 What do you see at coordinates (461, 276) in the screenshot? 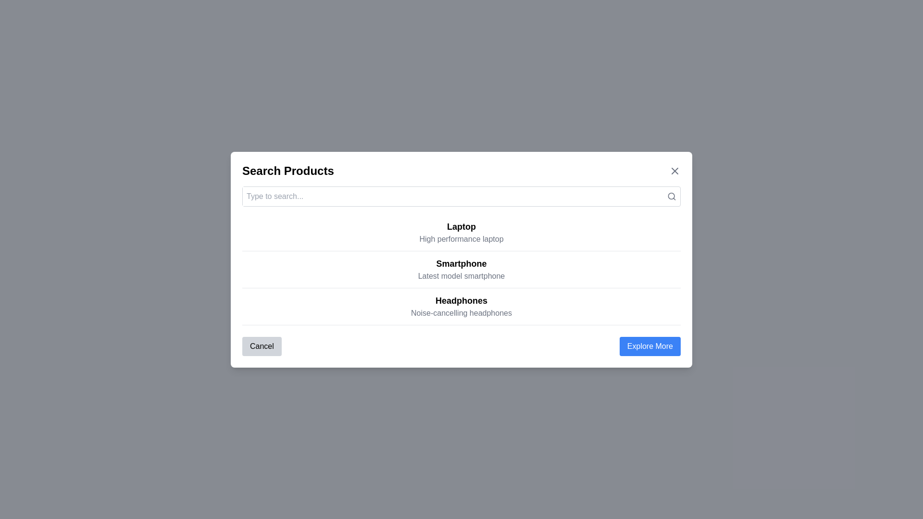
I see `the descriptive subtitle text label located below the title 'Smartphone' in the middle section of the interface` at bounding box center [461, 276].